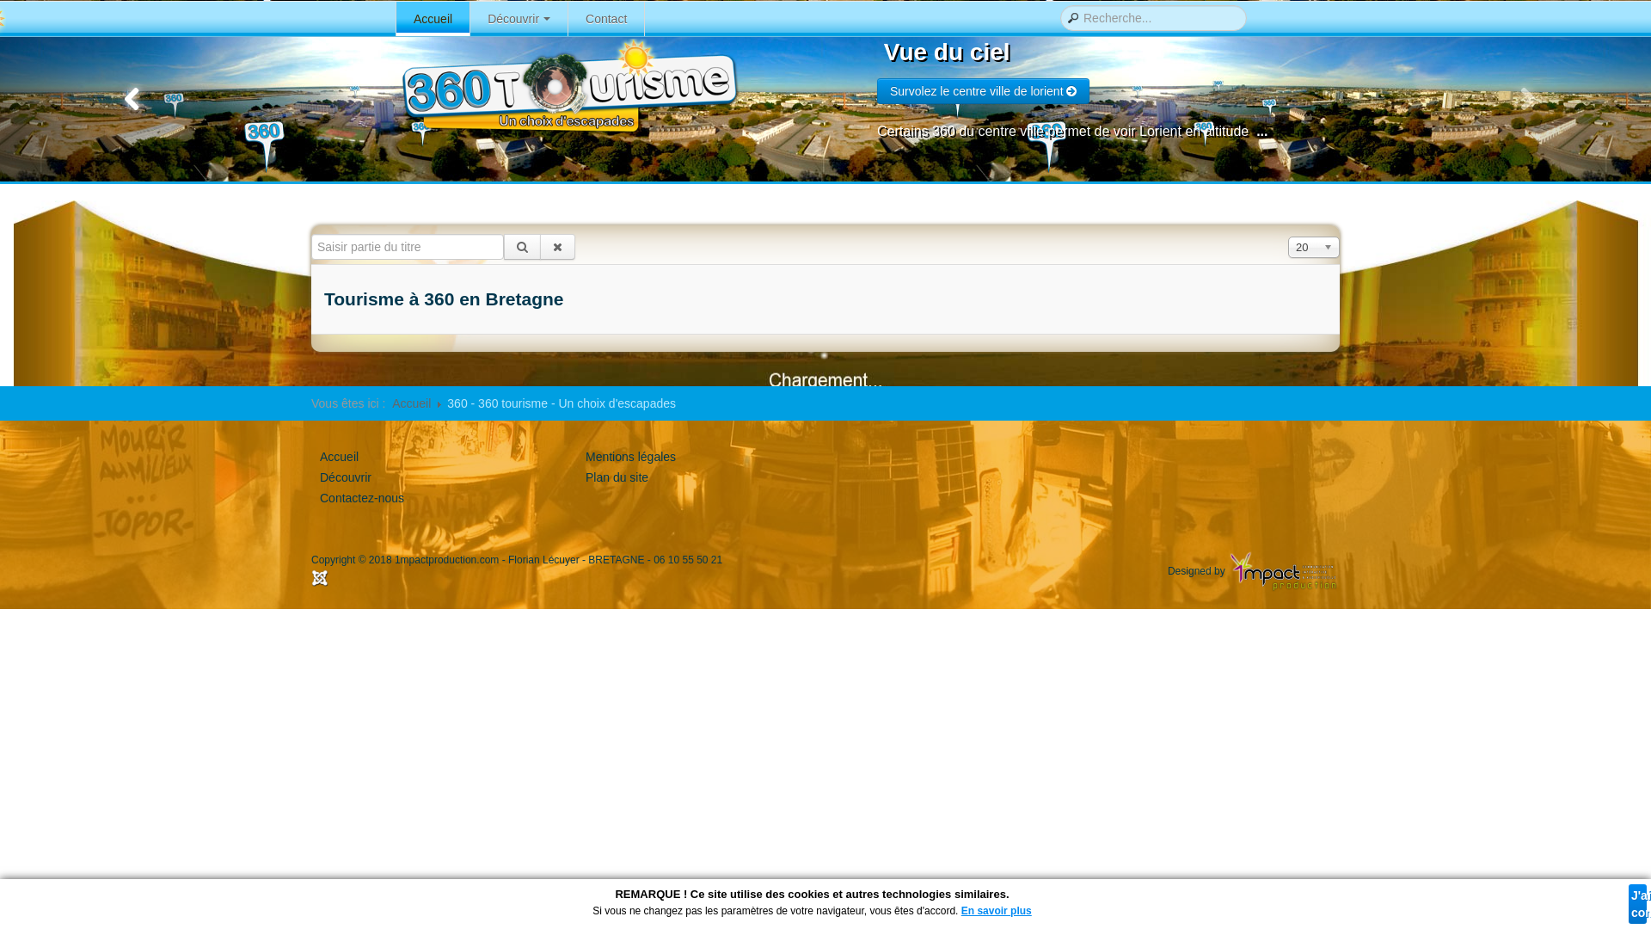 This screenshot has height=929, width=1651. I want to click on '360tourisme.com', so click(568, 86).